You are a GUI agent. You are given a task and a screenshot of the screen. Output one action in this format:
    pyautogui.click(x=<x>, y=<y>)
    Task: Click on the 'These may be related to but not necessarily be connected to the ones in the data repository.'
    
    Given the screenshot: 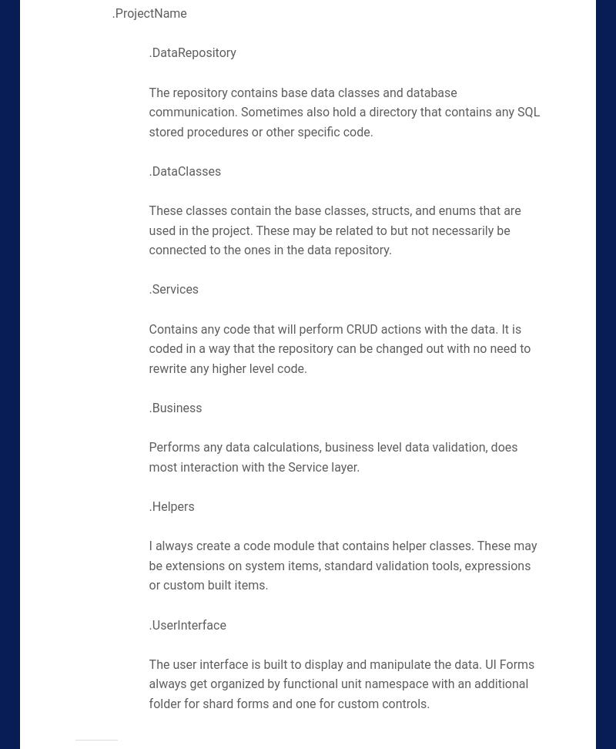 What is the action you would take?
    pyautogui.click(x=329, y=239)
    